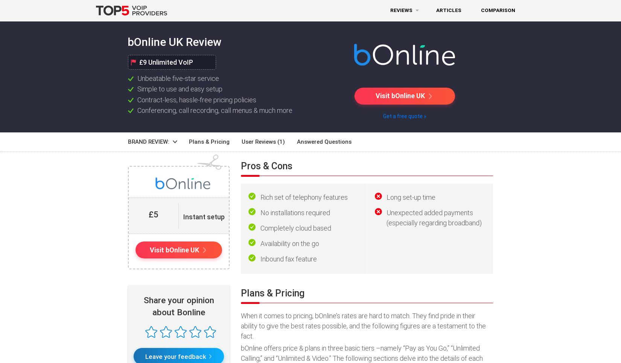 Image resolution: width=621 pixels, height=363 pixels. What do you see at coordinates (203, 216) in the screenshot?
I see `'Instant setup'` at bounding box center [203, 216].